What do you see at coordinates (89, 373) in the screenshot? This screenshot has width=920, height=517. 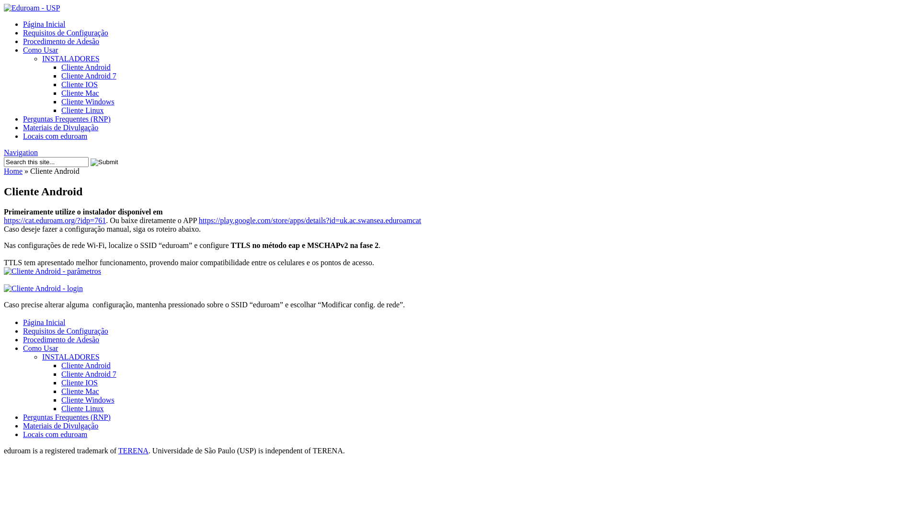 I see `'Cliente Android 7'` at bounding box center [89, 373].